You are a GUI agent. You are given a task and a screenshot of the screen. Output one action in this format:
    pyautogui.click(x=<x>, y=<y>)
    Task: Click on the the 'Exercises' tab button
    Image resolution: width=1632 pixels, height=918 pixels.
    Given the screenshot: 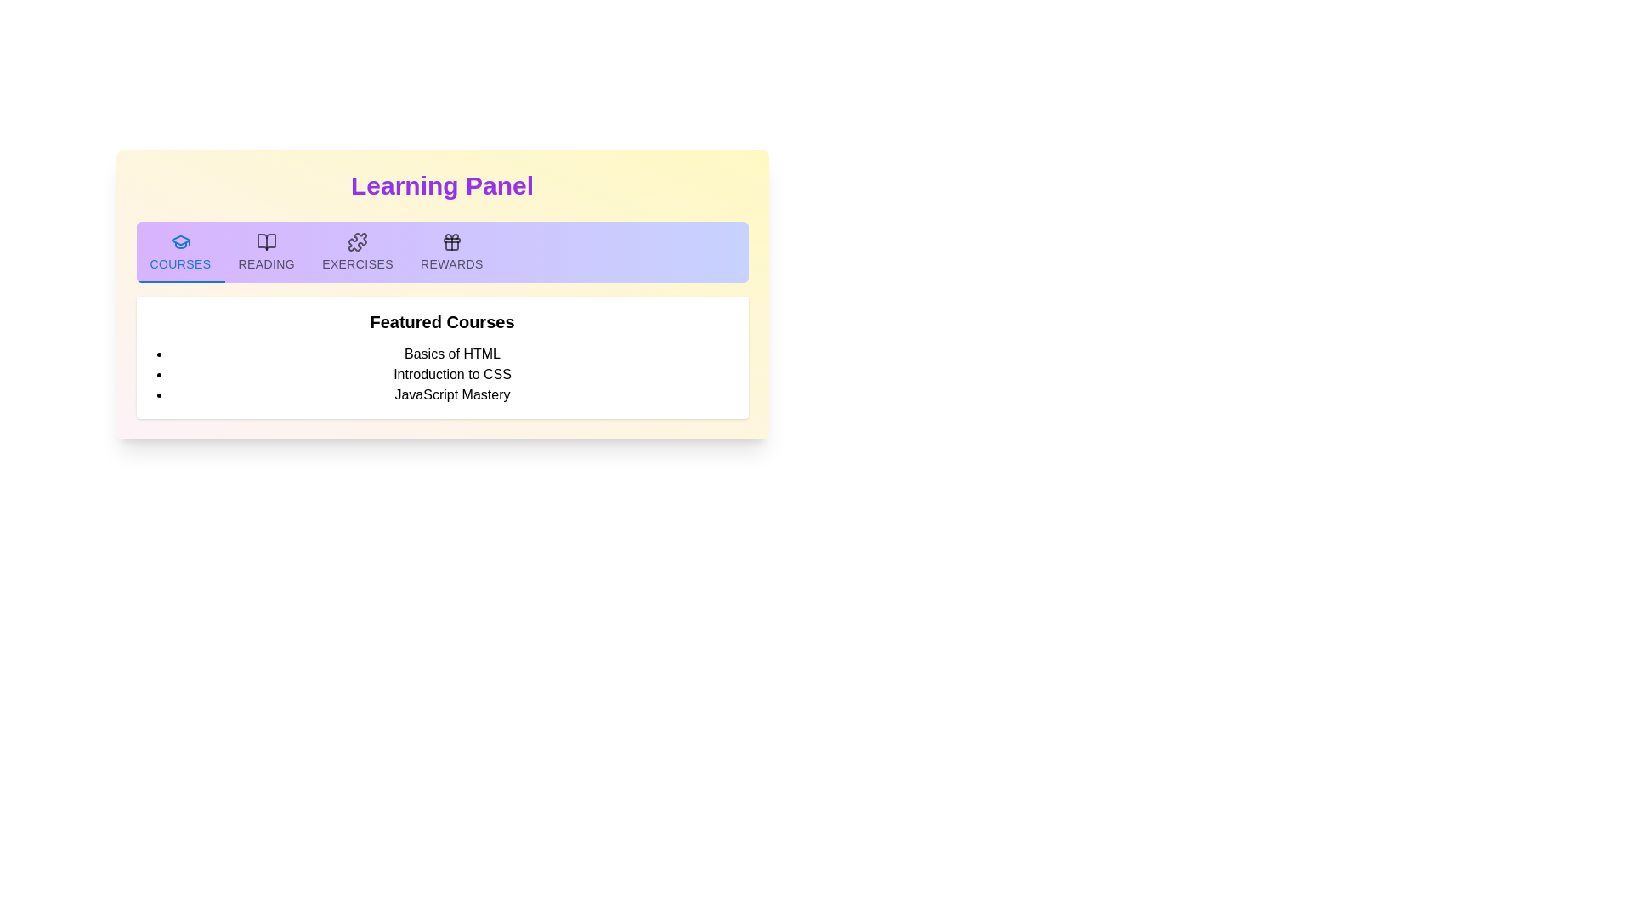 What is the action you would take?
    pyautogui.click(x=357, y=252)
    